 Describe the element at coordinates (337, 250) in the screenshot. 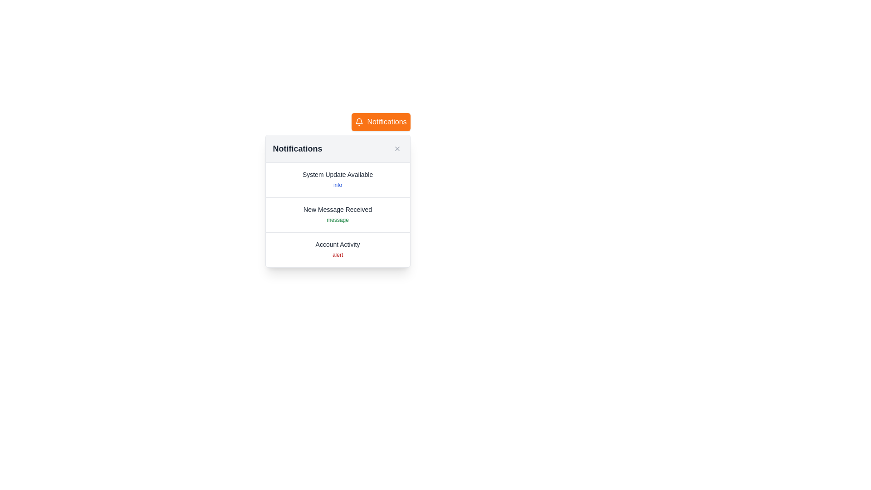

I see `the third notification item in the vertical list of notifications, which indicates an account activity alert, located in the central pop-up panel labeled 'Notifications'` at that location.